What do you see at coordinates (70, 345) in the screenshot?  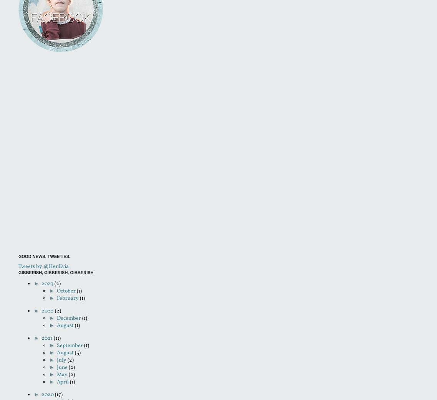 I see `'September'` at bounding box center [70, 345].